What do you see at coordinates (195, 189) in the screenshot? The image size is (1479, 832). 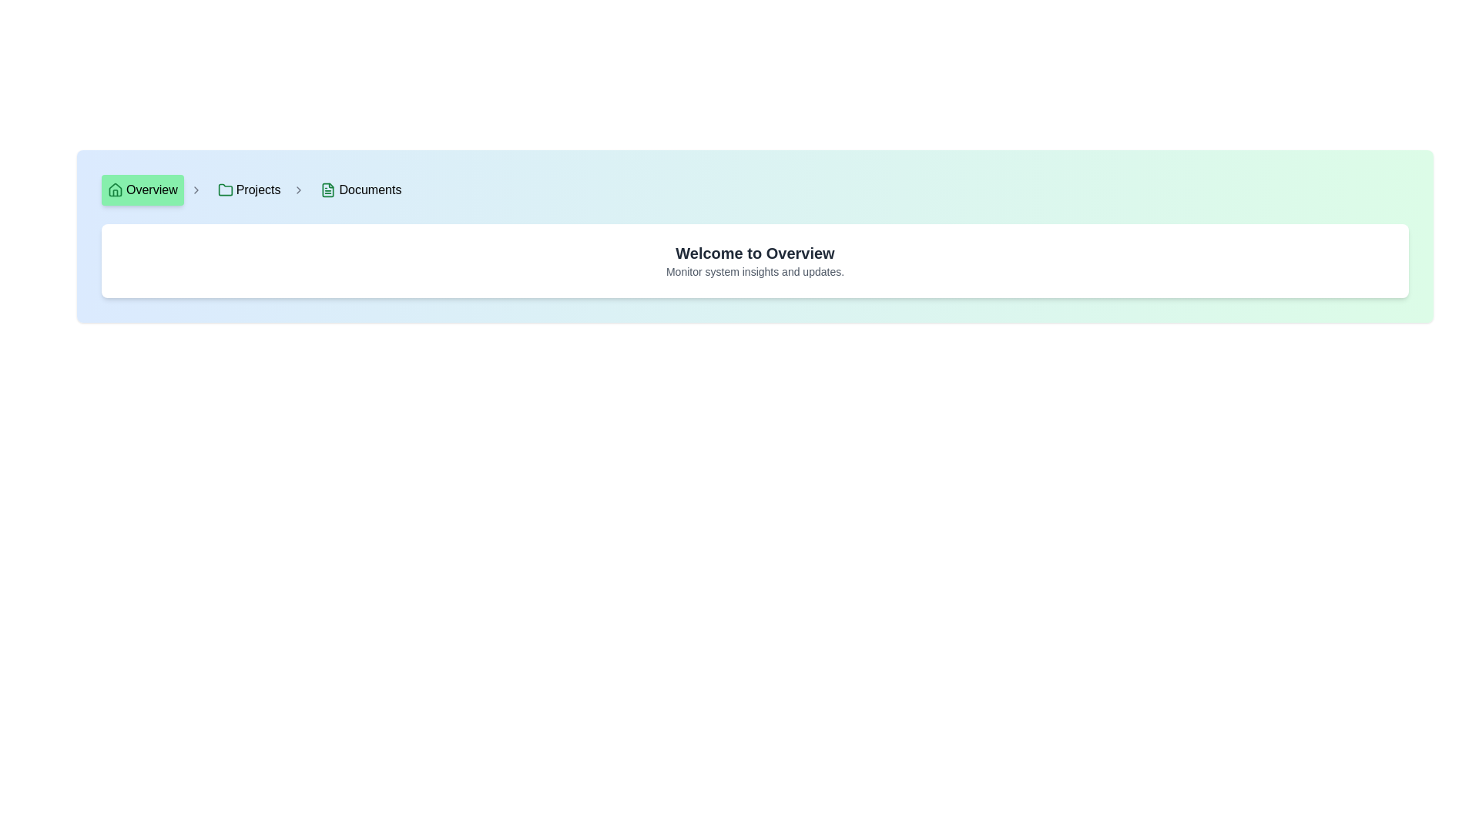 I see `the chevron icon located` at bounding box center [195, 189].